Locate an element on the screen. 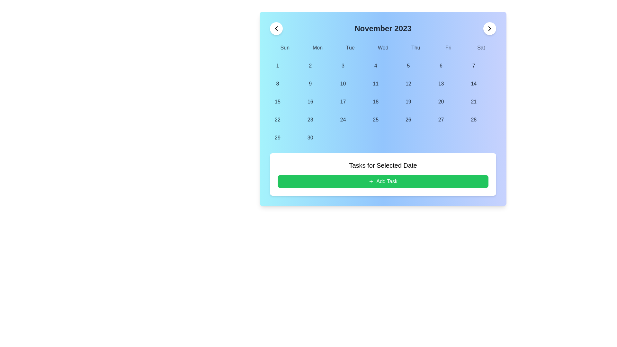  the rounded square button displaying the number '8' is located at coordinates (278, 84).